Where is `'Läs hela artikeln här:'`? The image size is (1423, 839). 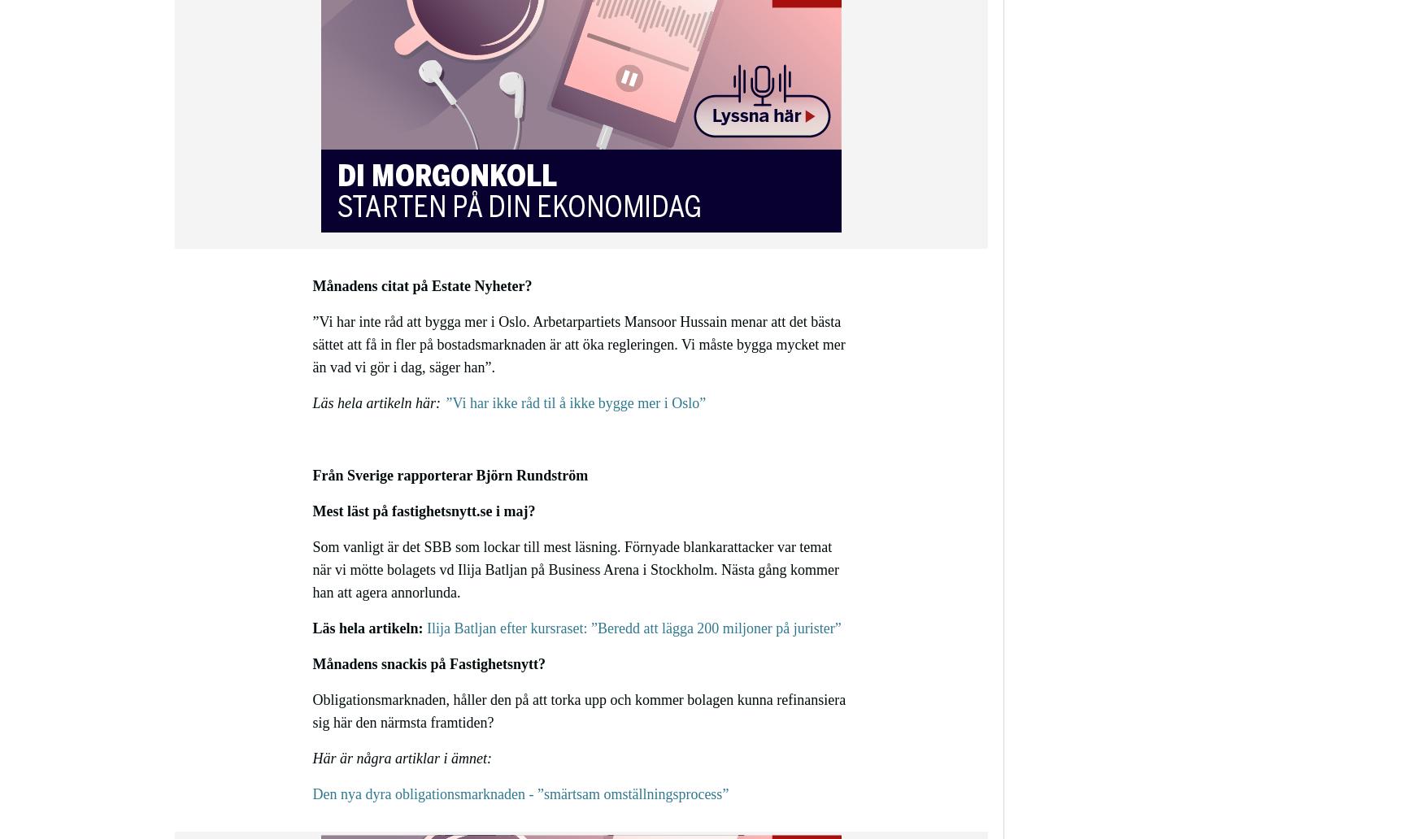 'Läs hela artikeln här:' is located at coordinates (377, 402).